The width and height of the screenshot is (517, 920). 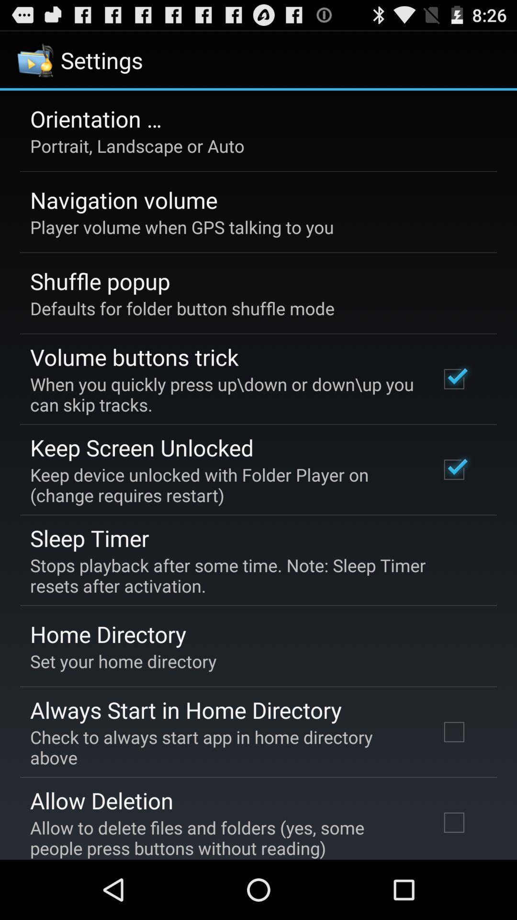 I want to click on allow deletion app, so click(x=101, y=800).